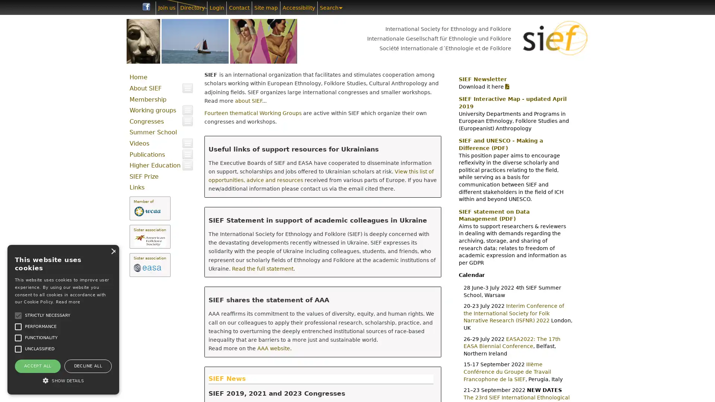  Describe the element at coordinates (37, 366) in the screenshot. I see `ACCEPT ALL` at that location.